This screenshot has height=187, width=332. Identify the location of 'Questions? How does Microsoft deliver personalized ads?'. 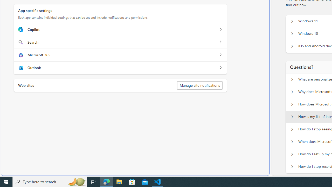
(292, 104).